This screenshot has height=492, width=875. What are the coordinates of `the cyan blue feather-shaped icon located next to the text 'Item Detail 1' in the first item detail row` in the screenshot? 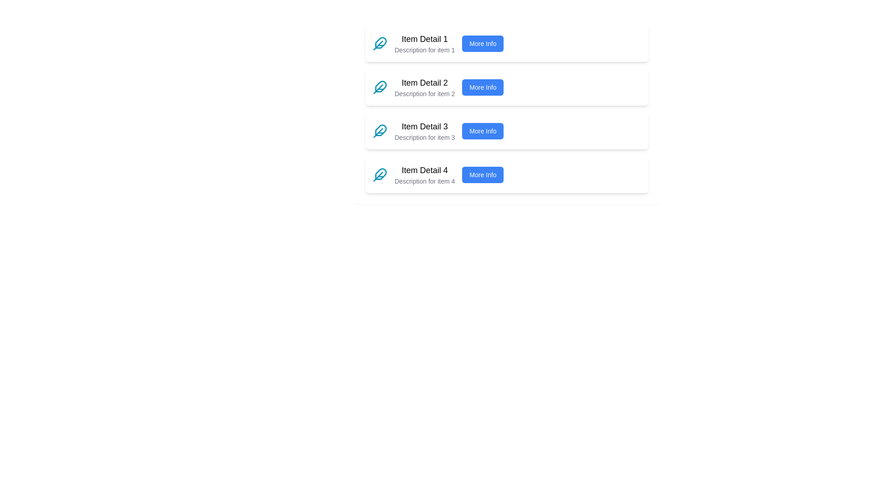 It's located at (380, 44).